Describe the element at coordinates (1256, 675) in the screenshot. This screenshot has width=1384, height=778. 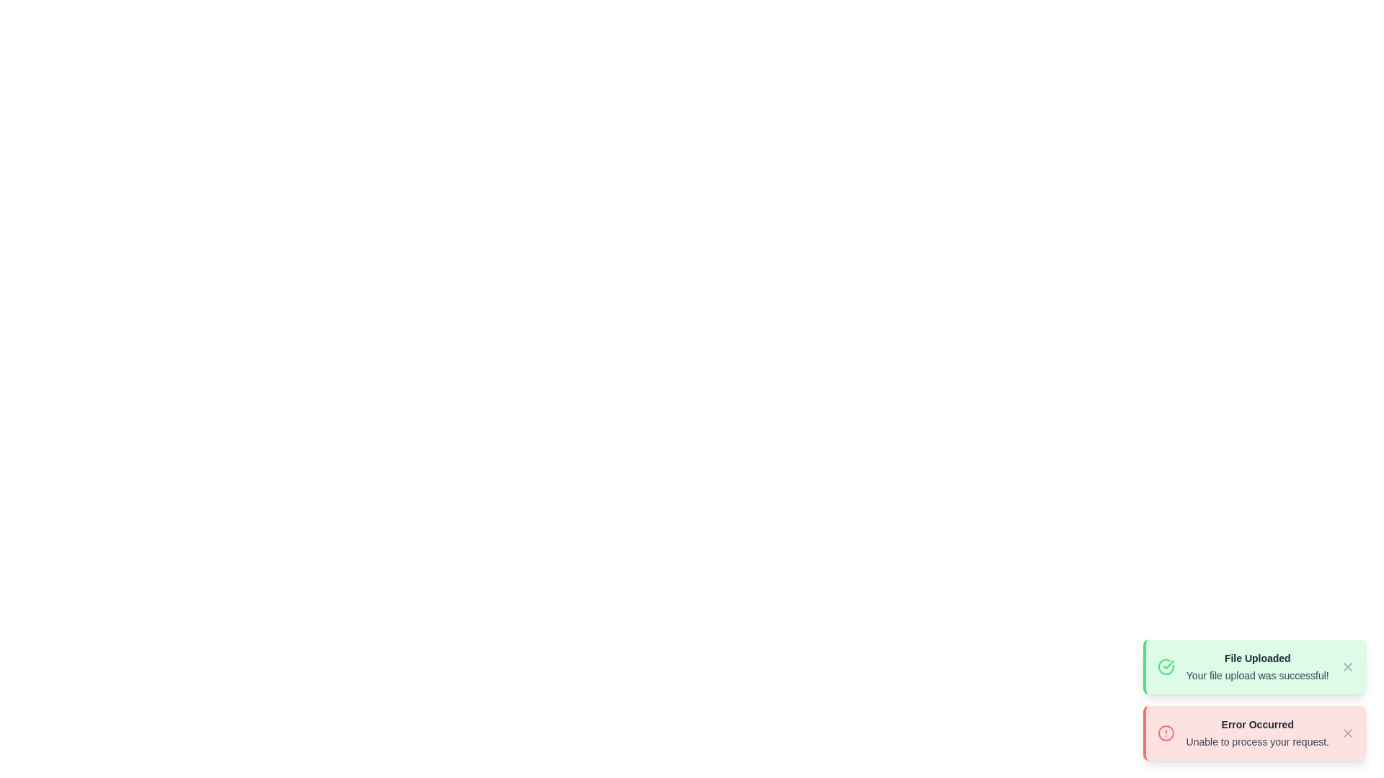
I see `text label that says 'Your file upload was successful!' located underneath the bold header 'File Uploaded' in a notification card` at that location.